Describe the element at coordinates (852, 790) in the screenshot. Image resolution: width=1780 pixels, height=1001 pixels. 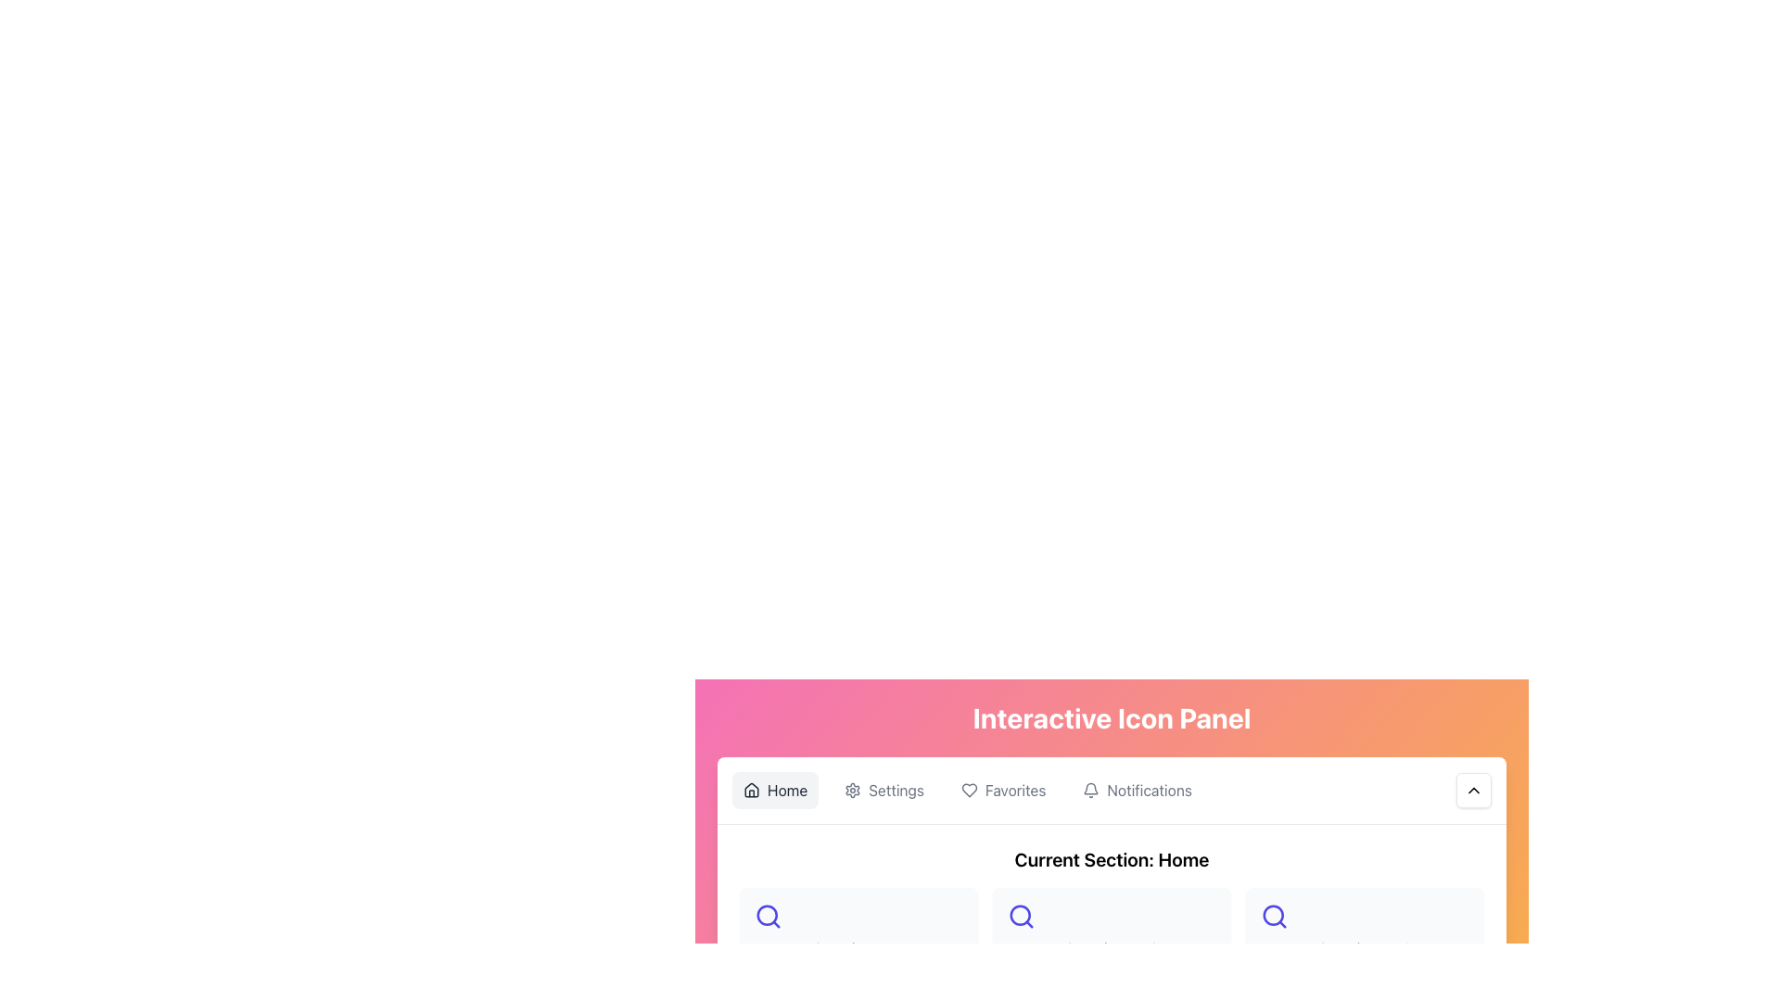
I see `the gear-shaped settings icon located in the horizontal navigation bar` at that location.